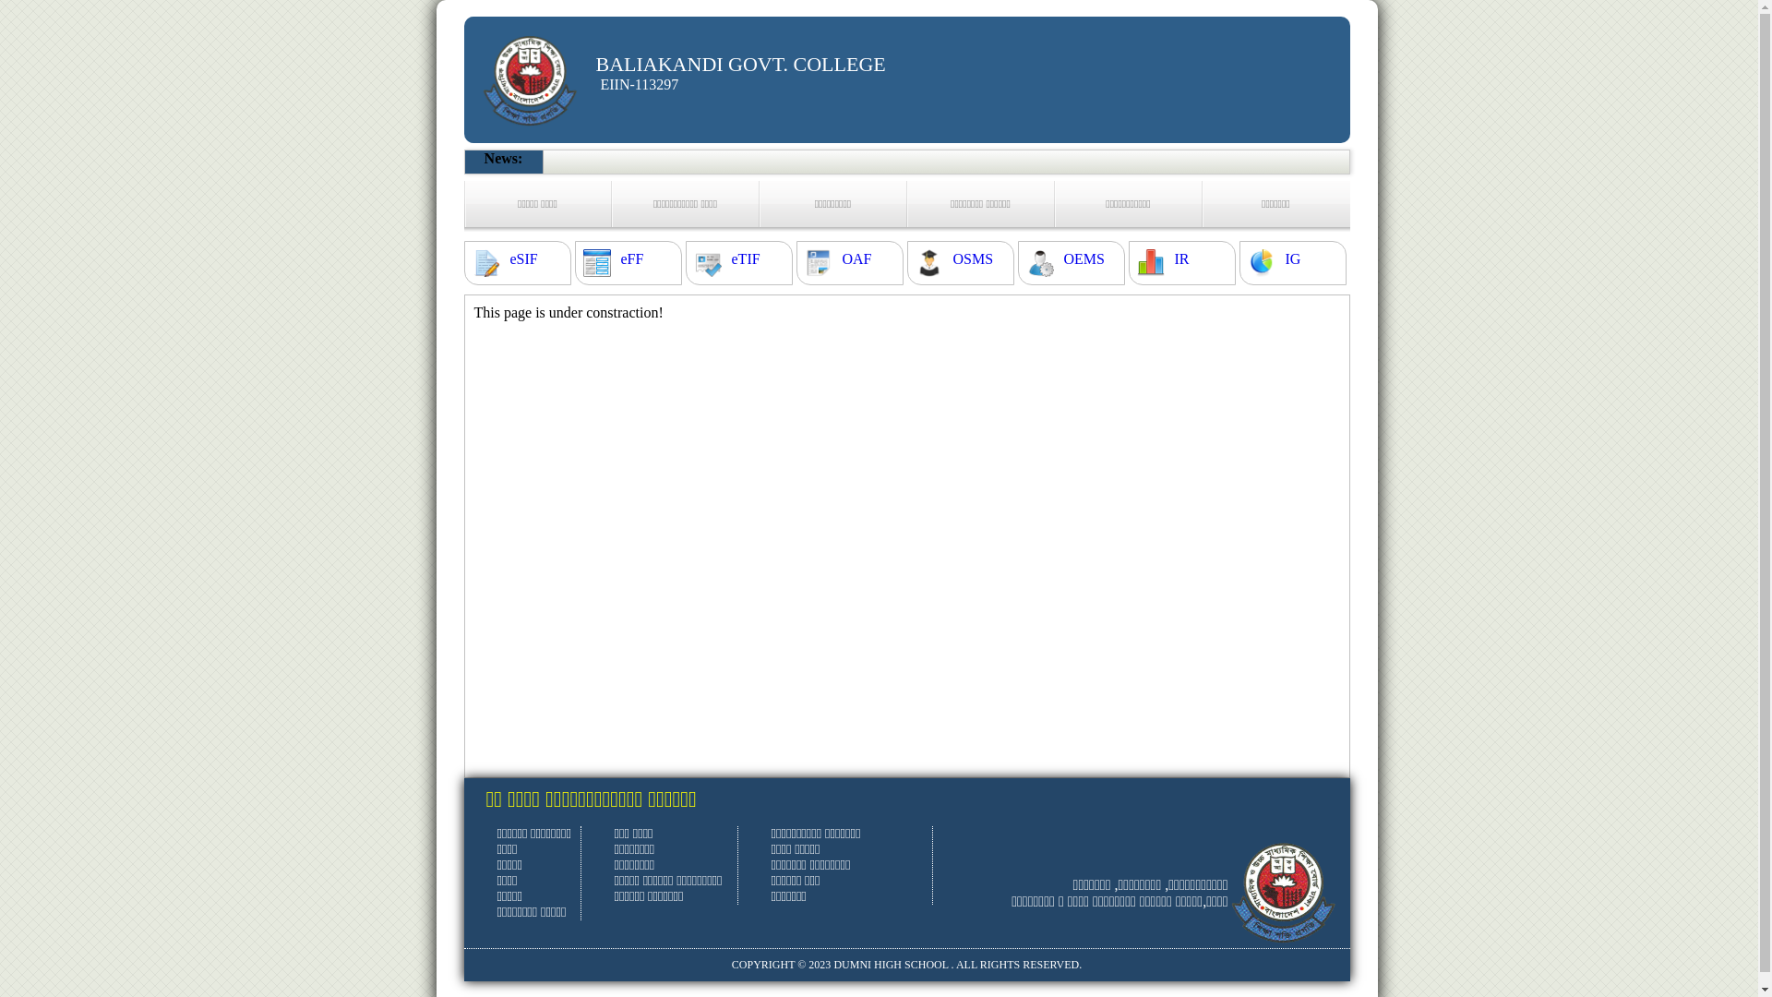  Describe the element at coordinates (855, 259) in the screenshot. I see `'OAF'` at that location.